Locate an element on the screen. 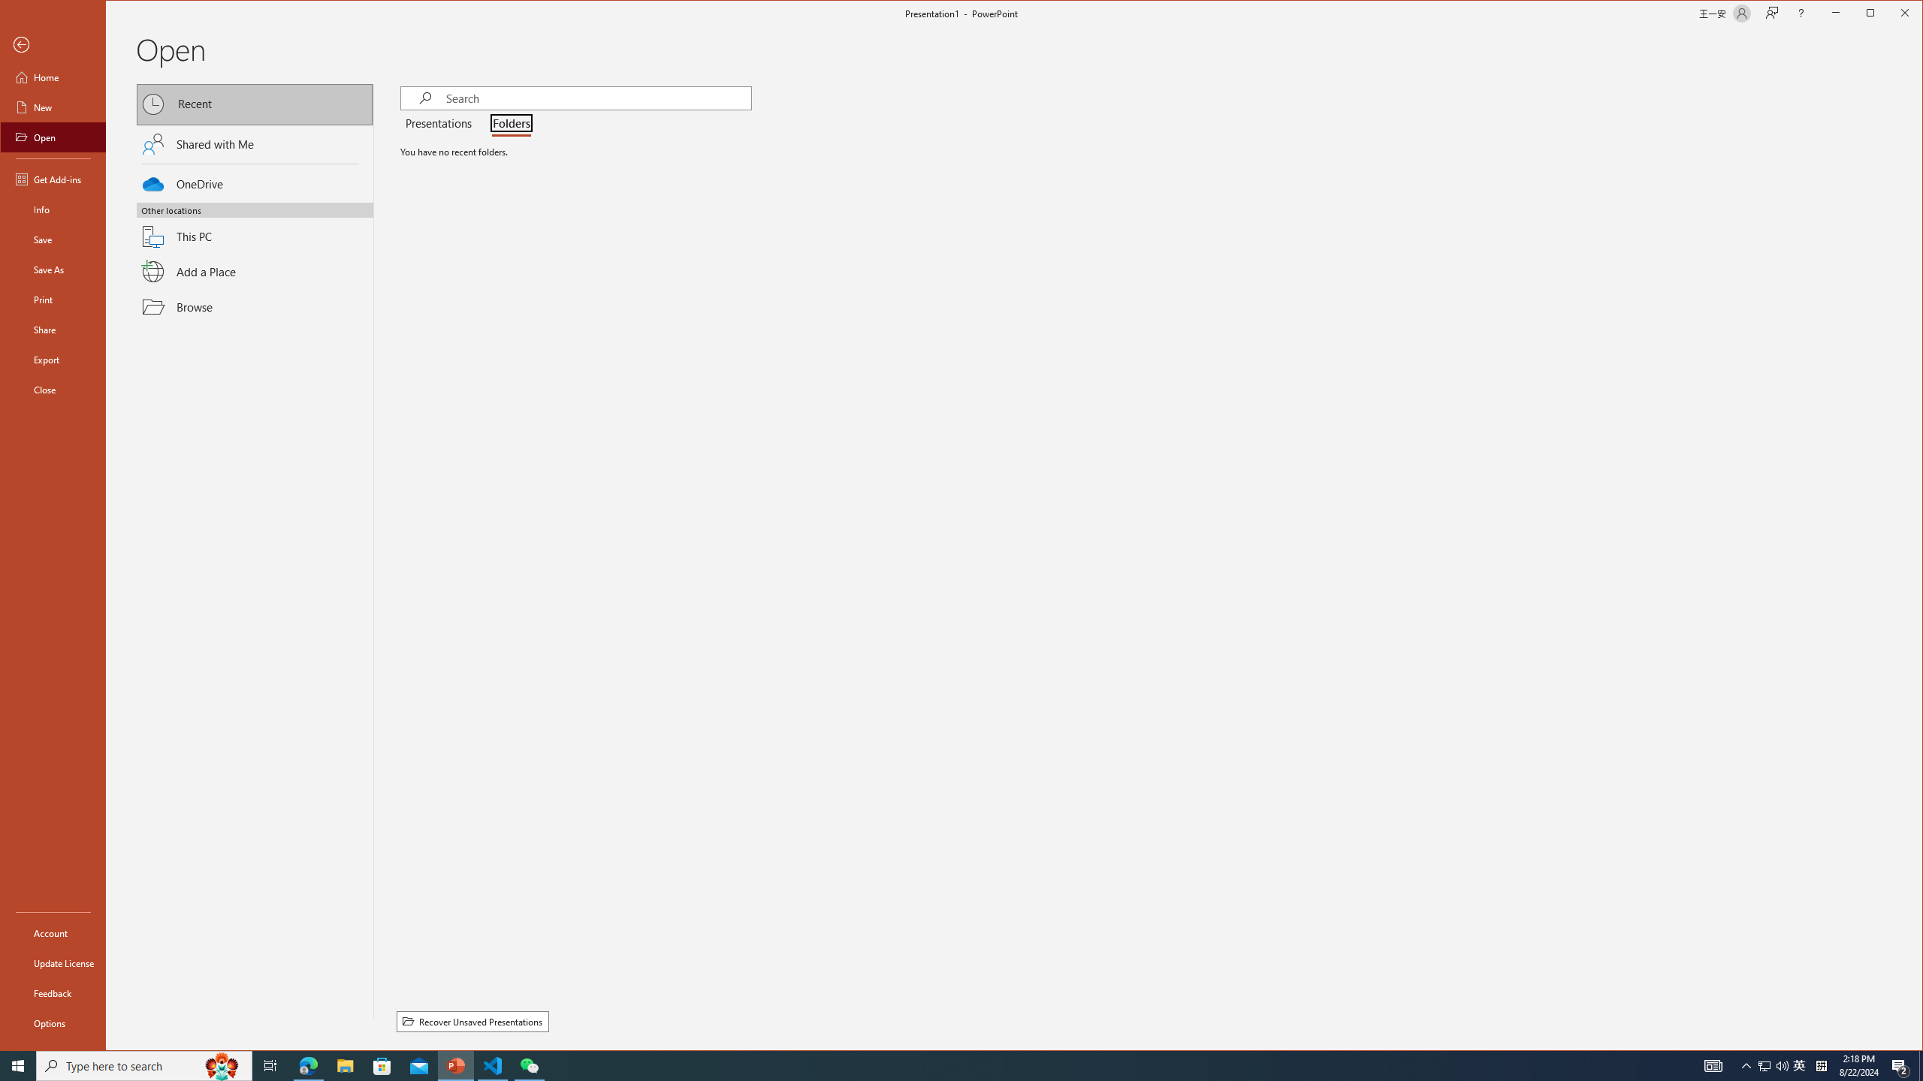  'This PC' is located at coordinates (255, 227).